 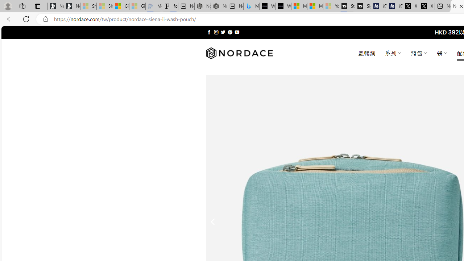 I want to click on 'Follow on Pinterest', so click(x=229, y=32).